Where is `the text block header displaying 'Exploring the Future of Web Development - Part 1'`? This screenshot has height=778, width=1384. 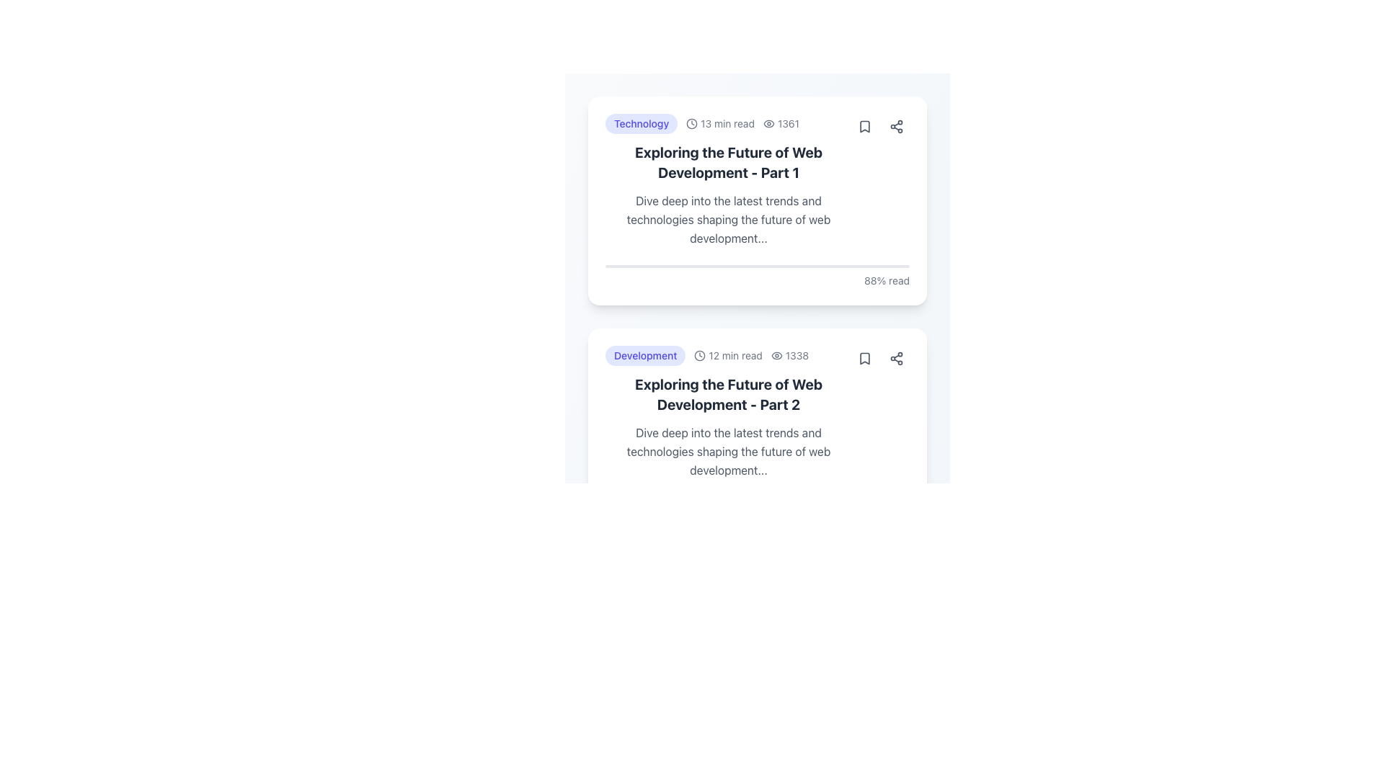
the text block header displaying 'Exploring the Future of Web Development - Part 1' is located at coordinates (729, 162).